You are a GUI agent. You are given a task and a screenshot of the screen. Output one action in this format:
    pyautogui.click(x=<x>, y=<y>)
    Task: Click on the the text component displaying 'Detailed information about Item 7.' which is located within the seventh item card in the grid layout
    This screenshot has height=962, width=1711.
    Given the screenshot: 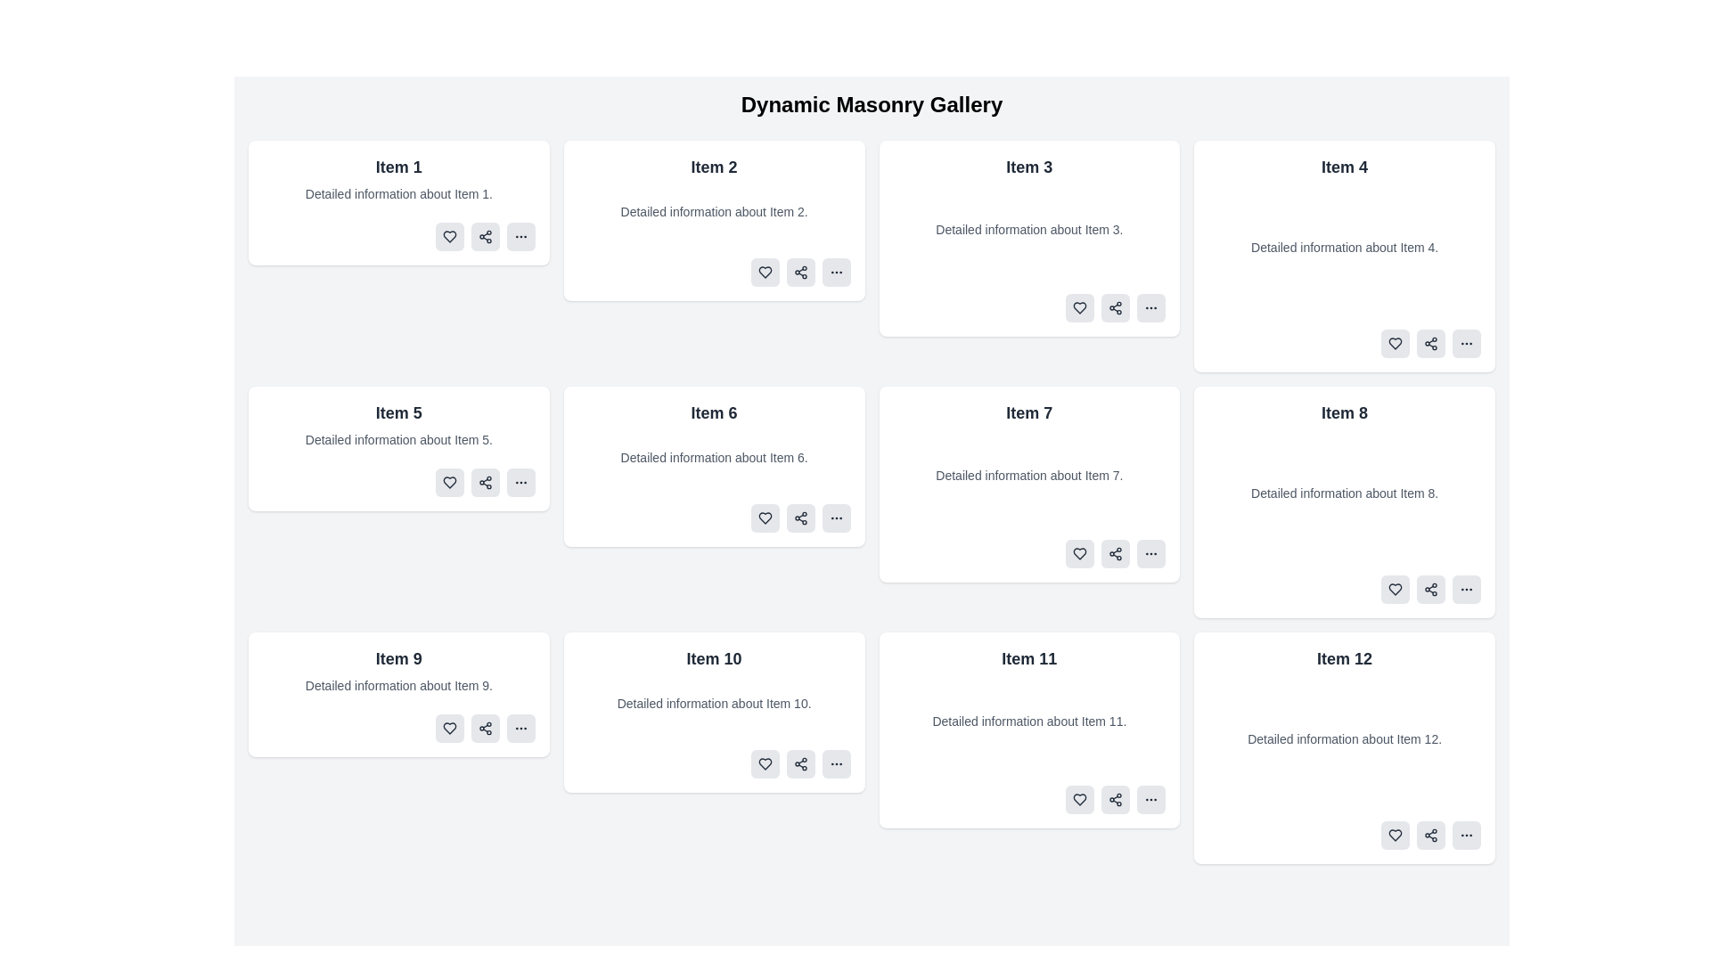 What is the action you would take?
    pyautogui.click(x=1029, y=474)
    